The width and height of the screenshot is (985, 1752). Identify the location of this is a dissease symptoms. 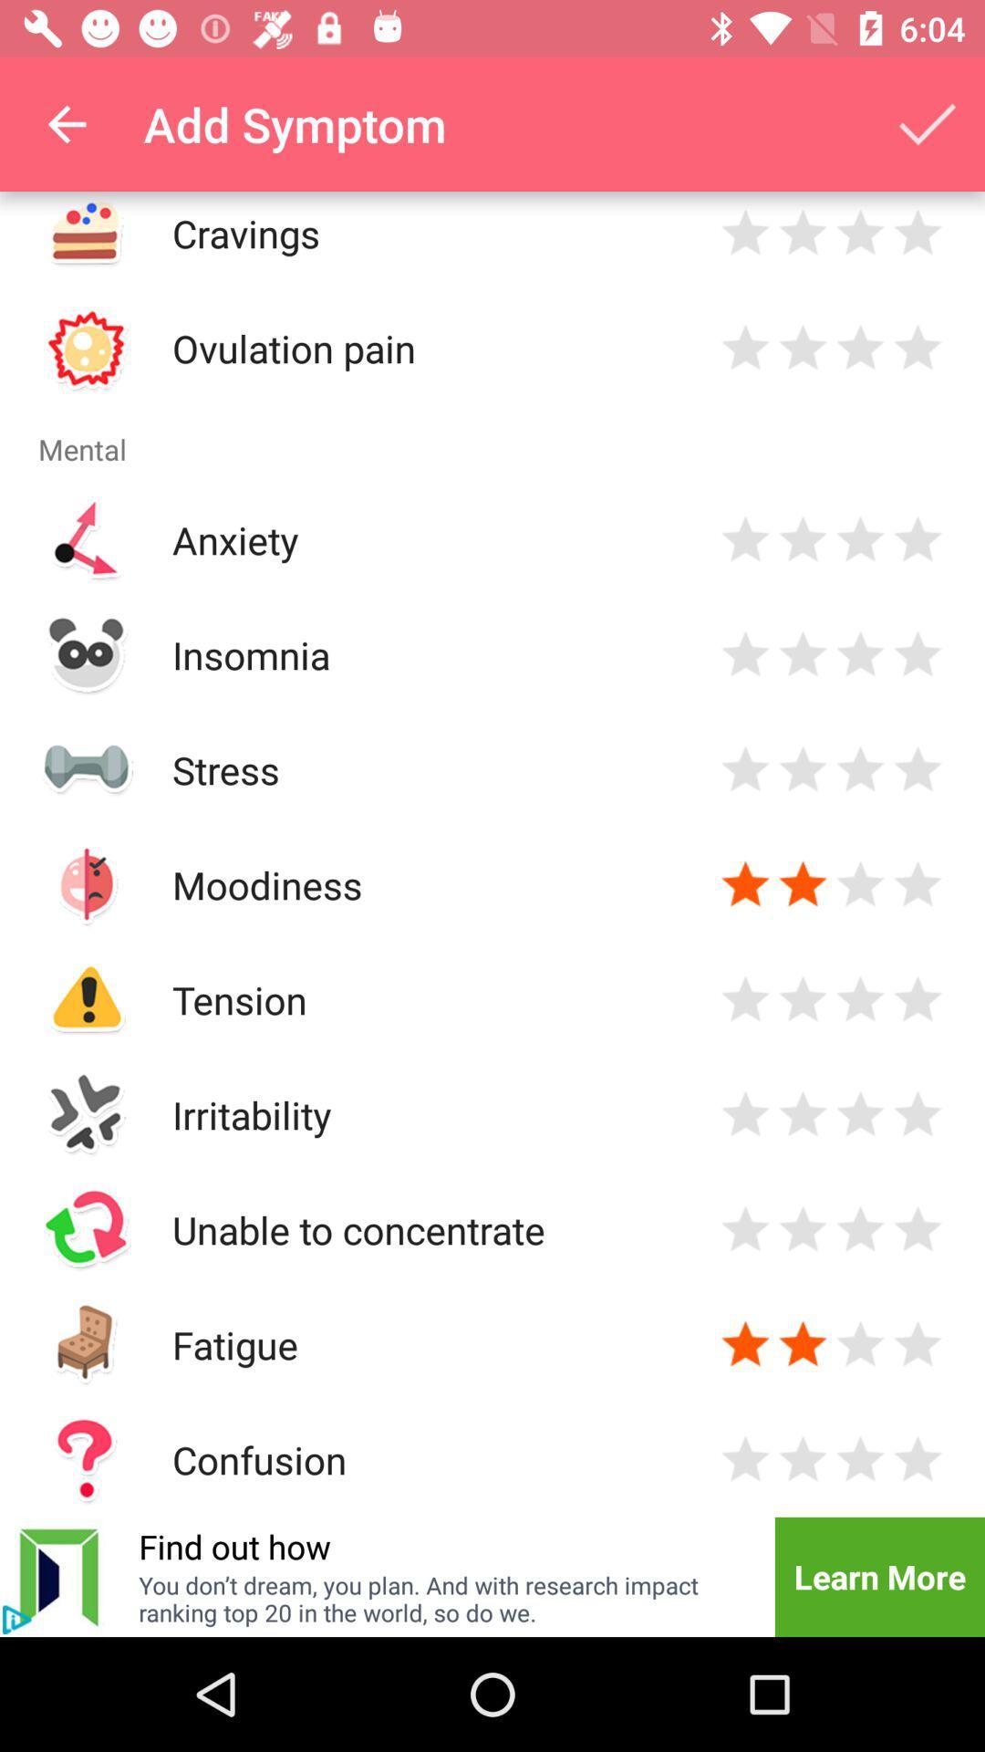
(802, 884).